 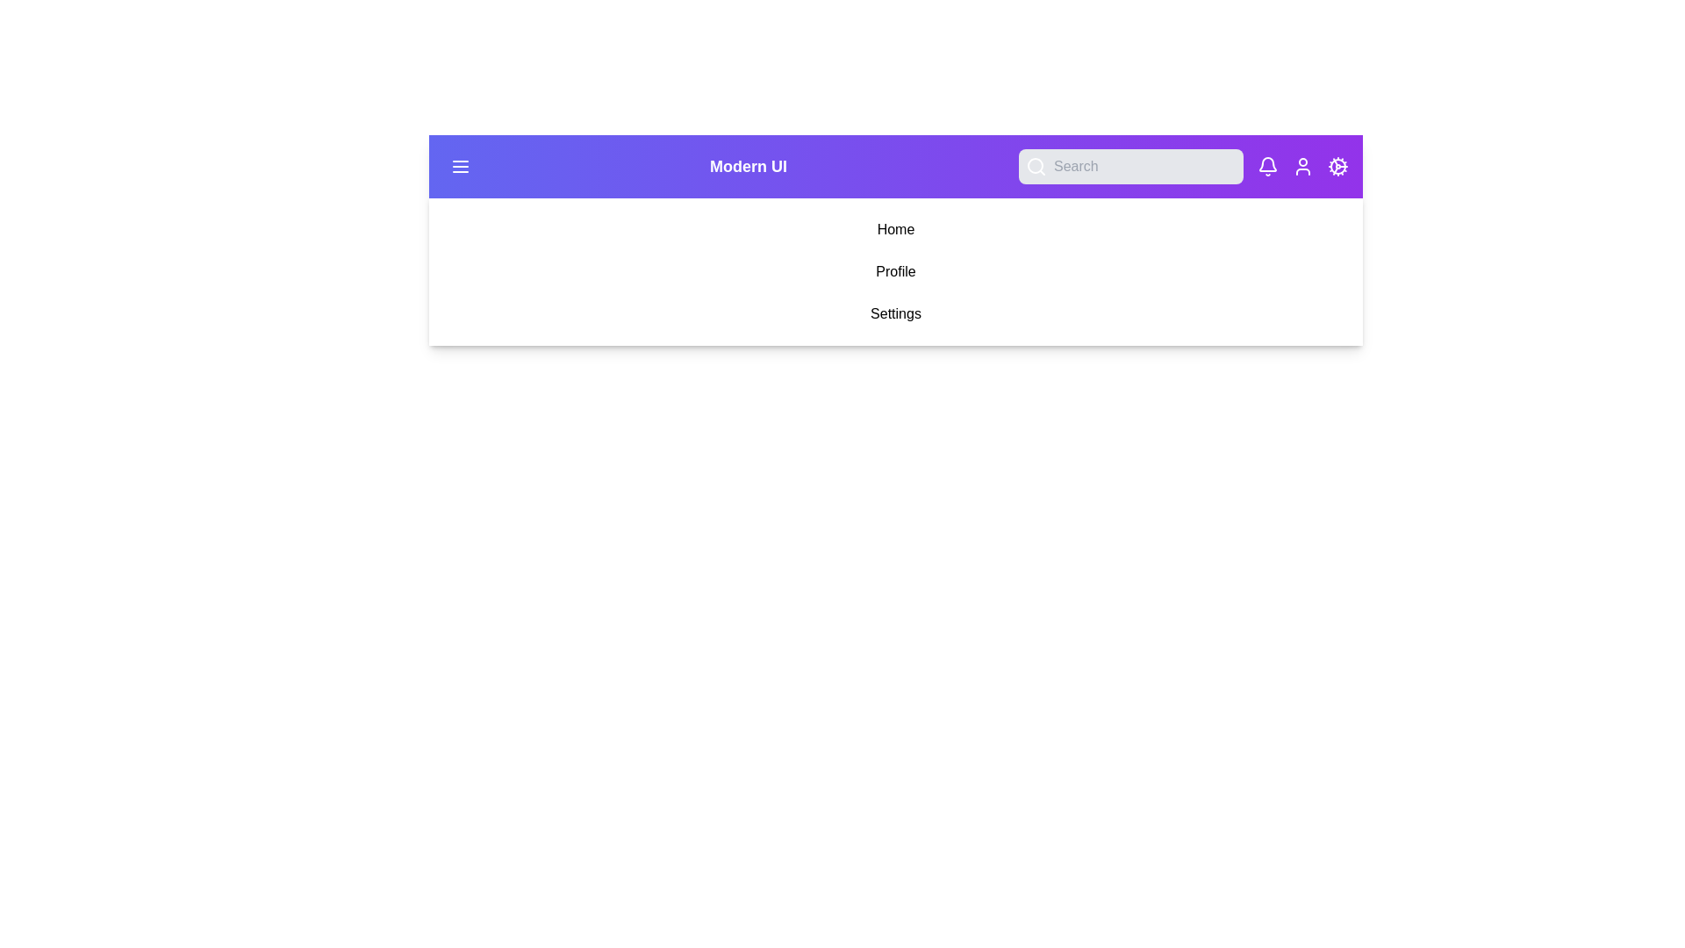 What do you see at coordinates (1302, 166) in the screenshot?
I see `the User button to navigate to its respective section` at bounding box center [1302, 166].